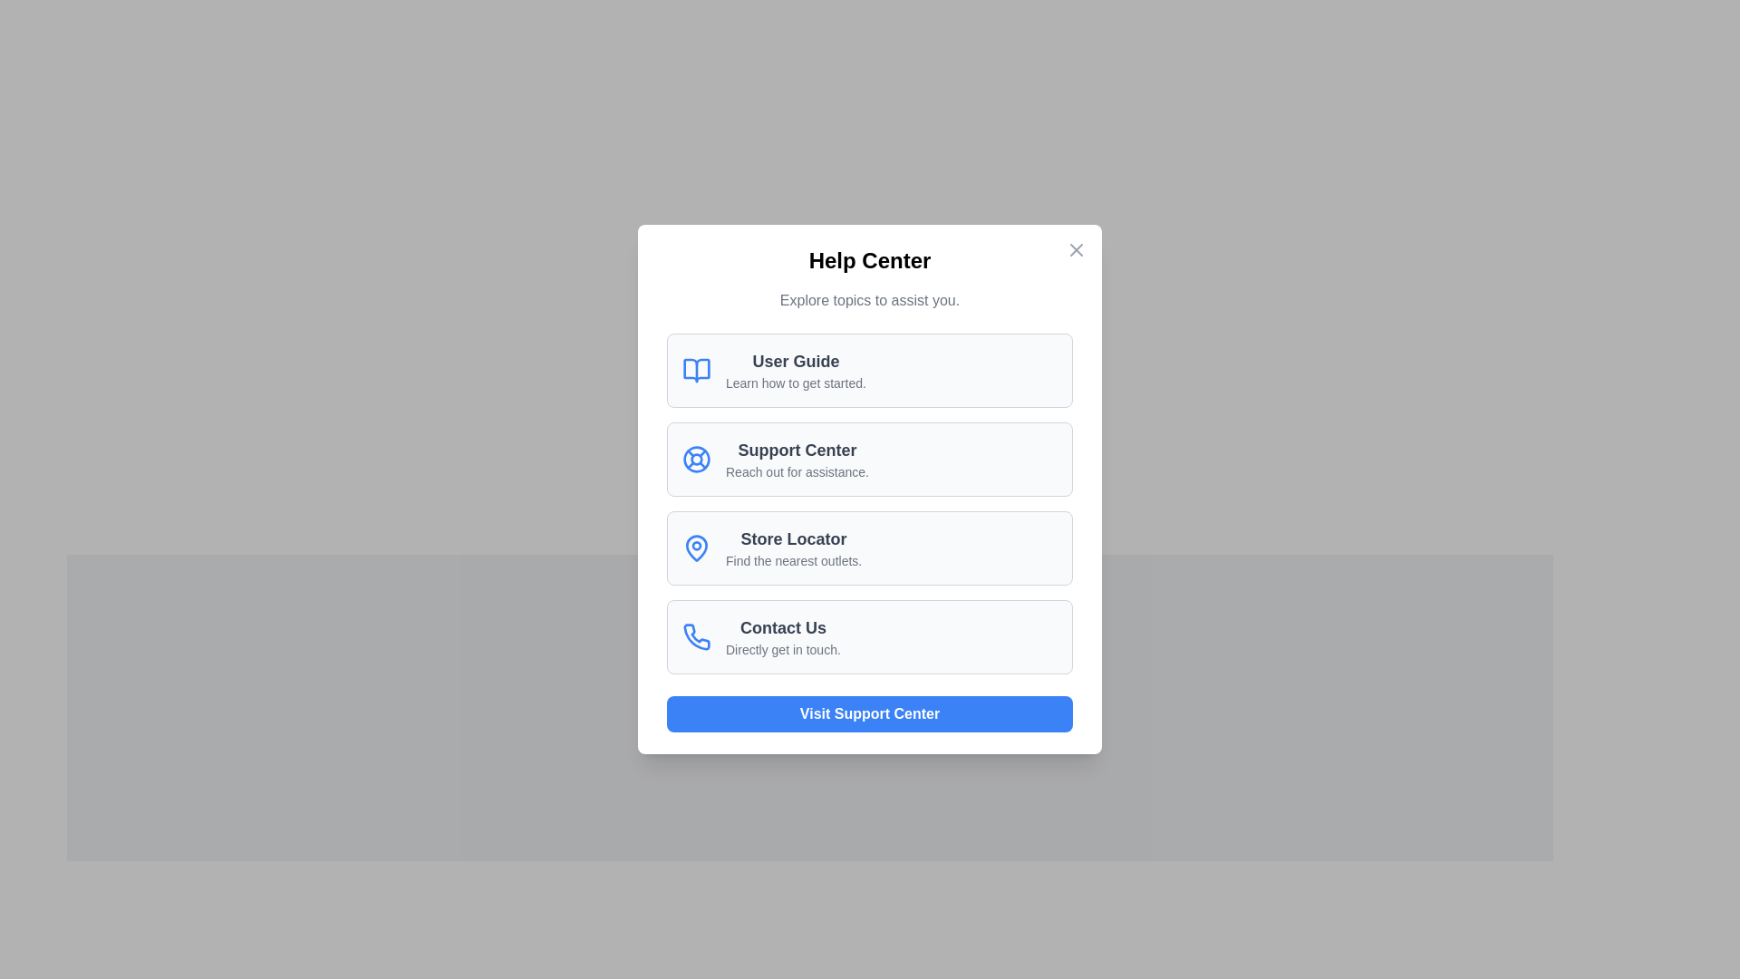 Image resolution: width=1740 pixels, height=979 pixels. I want to click on the bold text label that serves as the title for the 'User Guide' subsection in the 'Help Center' modal, so click(796, 361).